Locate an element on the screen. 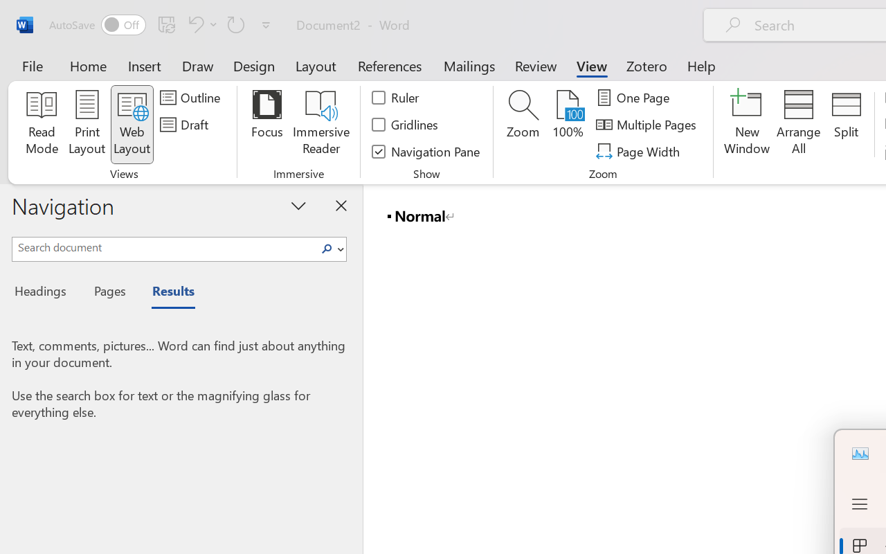 This screenshot has width=886, height=554. 'Search' is located at coordinates (326, 249).